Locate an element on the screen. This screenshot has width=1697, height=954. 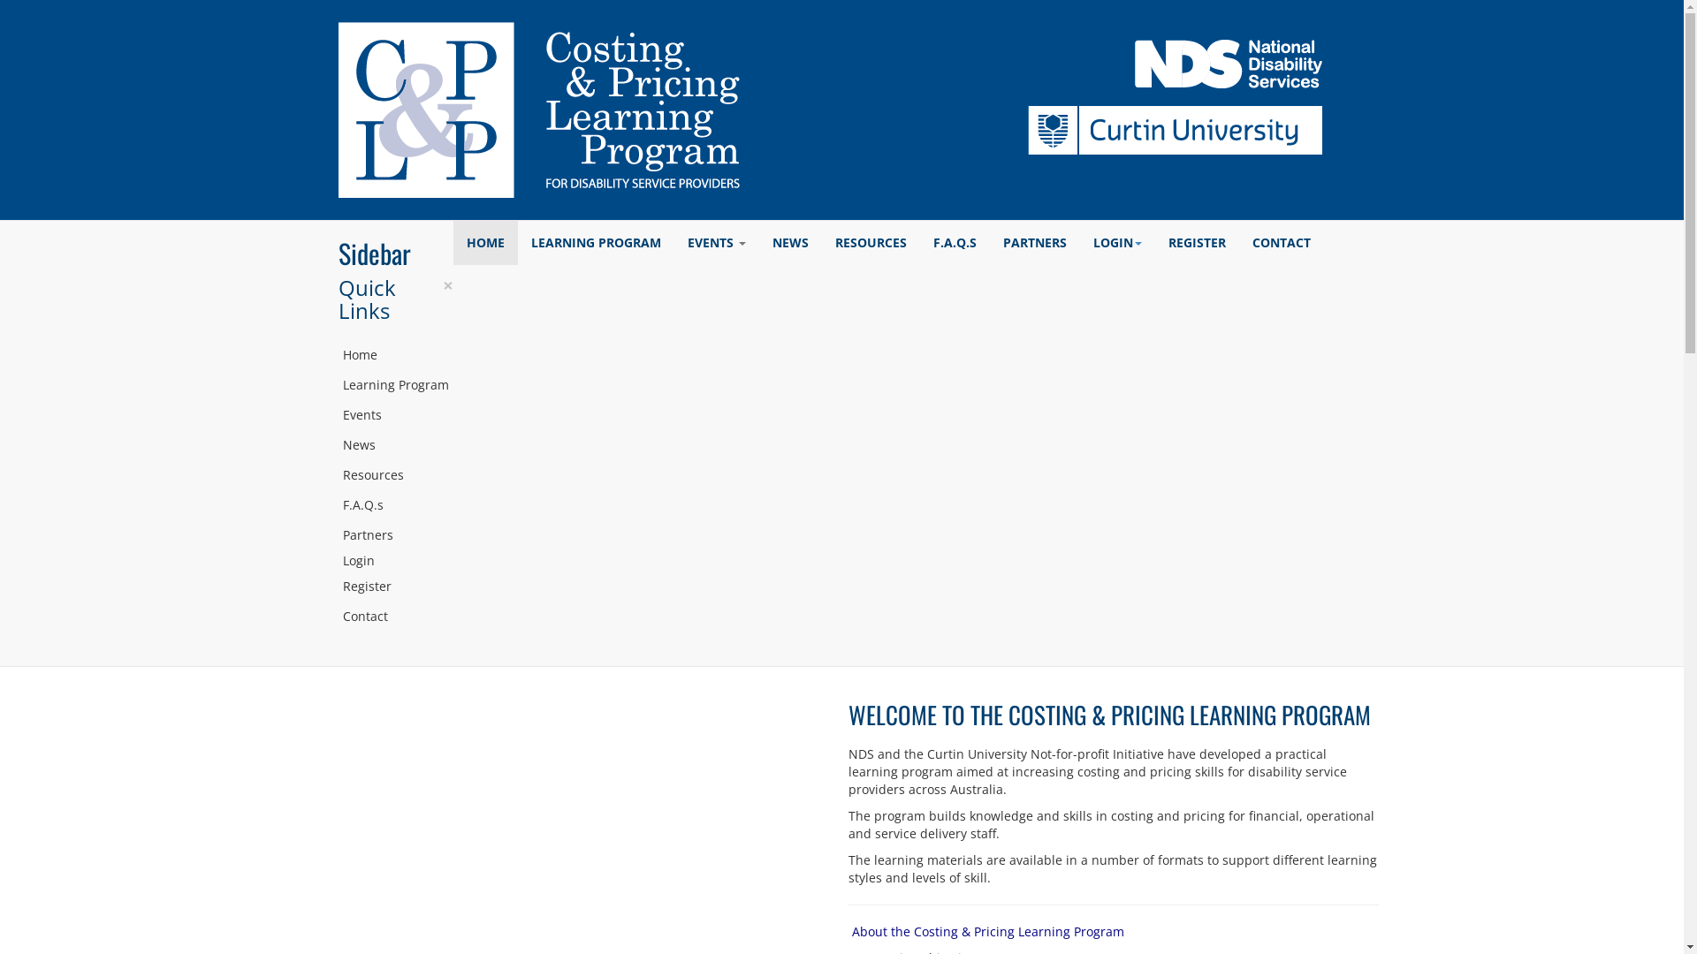
'Learning Program' is located at coordinates (393, 383).